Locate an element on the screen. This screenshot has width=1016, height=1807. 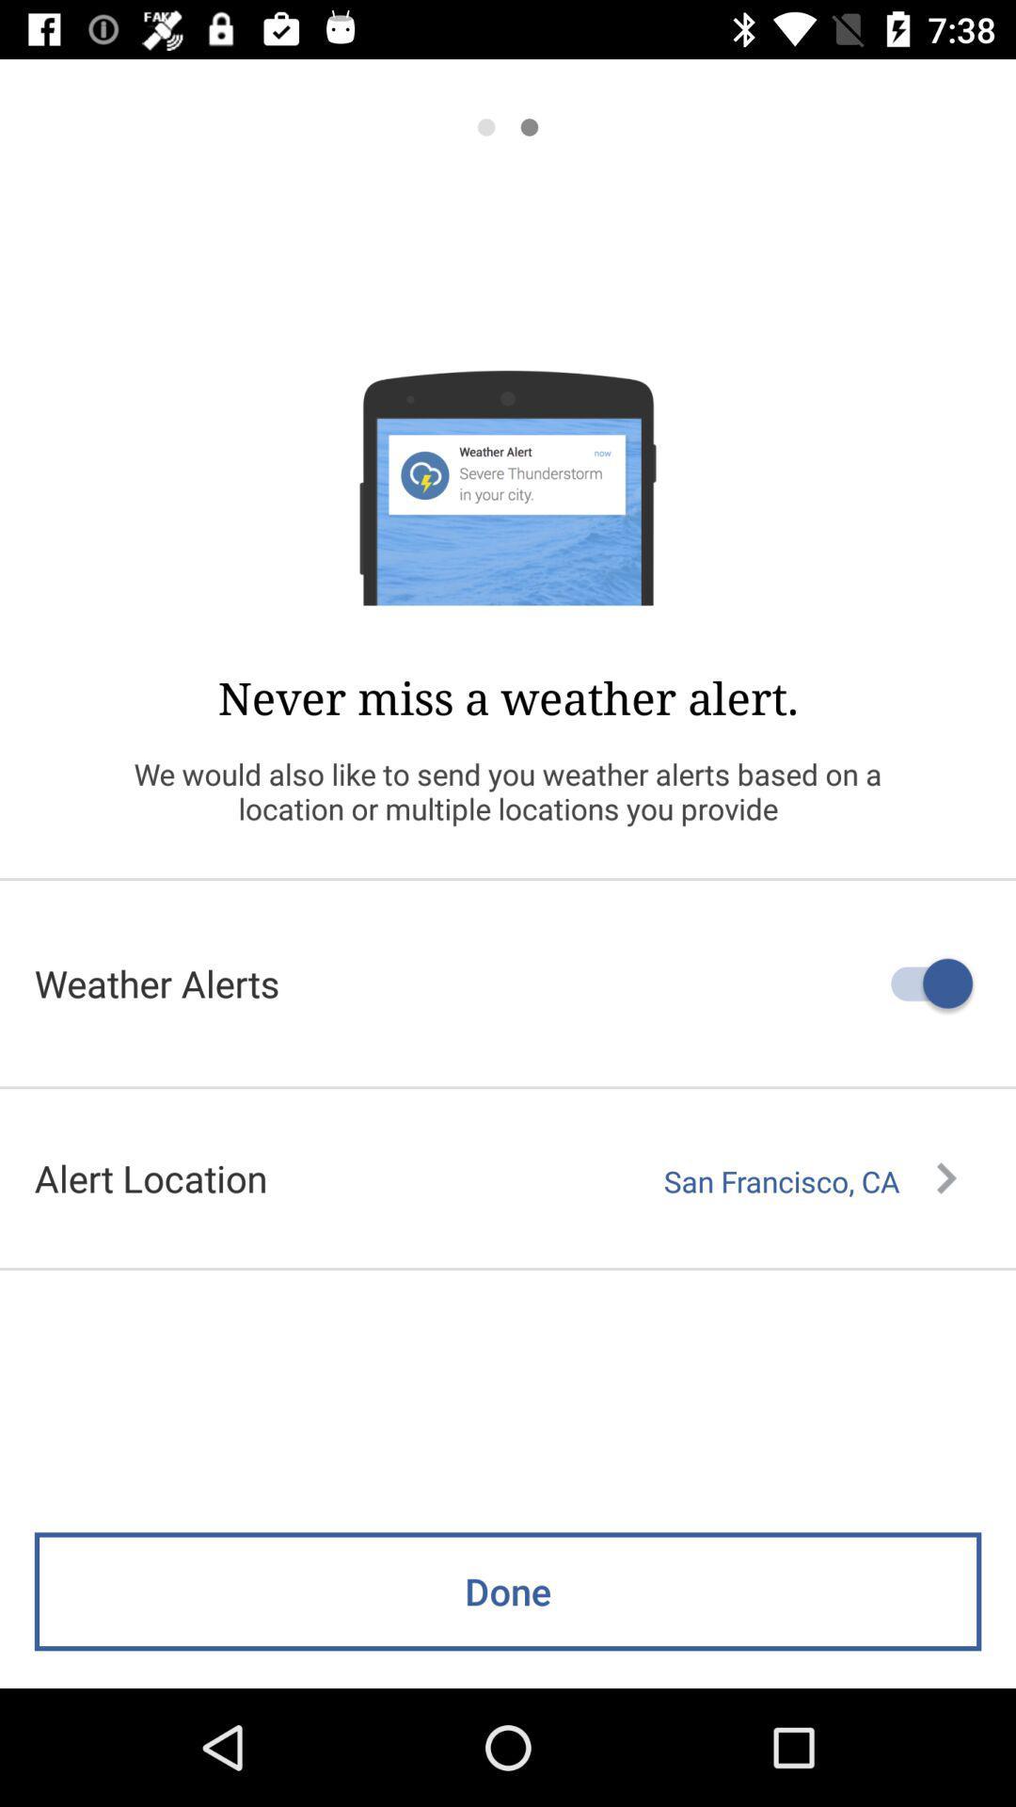
san francisco, ca item is located at coordinates (809, 1180).